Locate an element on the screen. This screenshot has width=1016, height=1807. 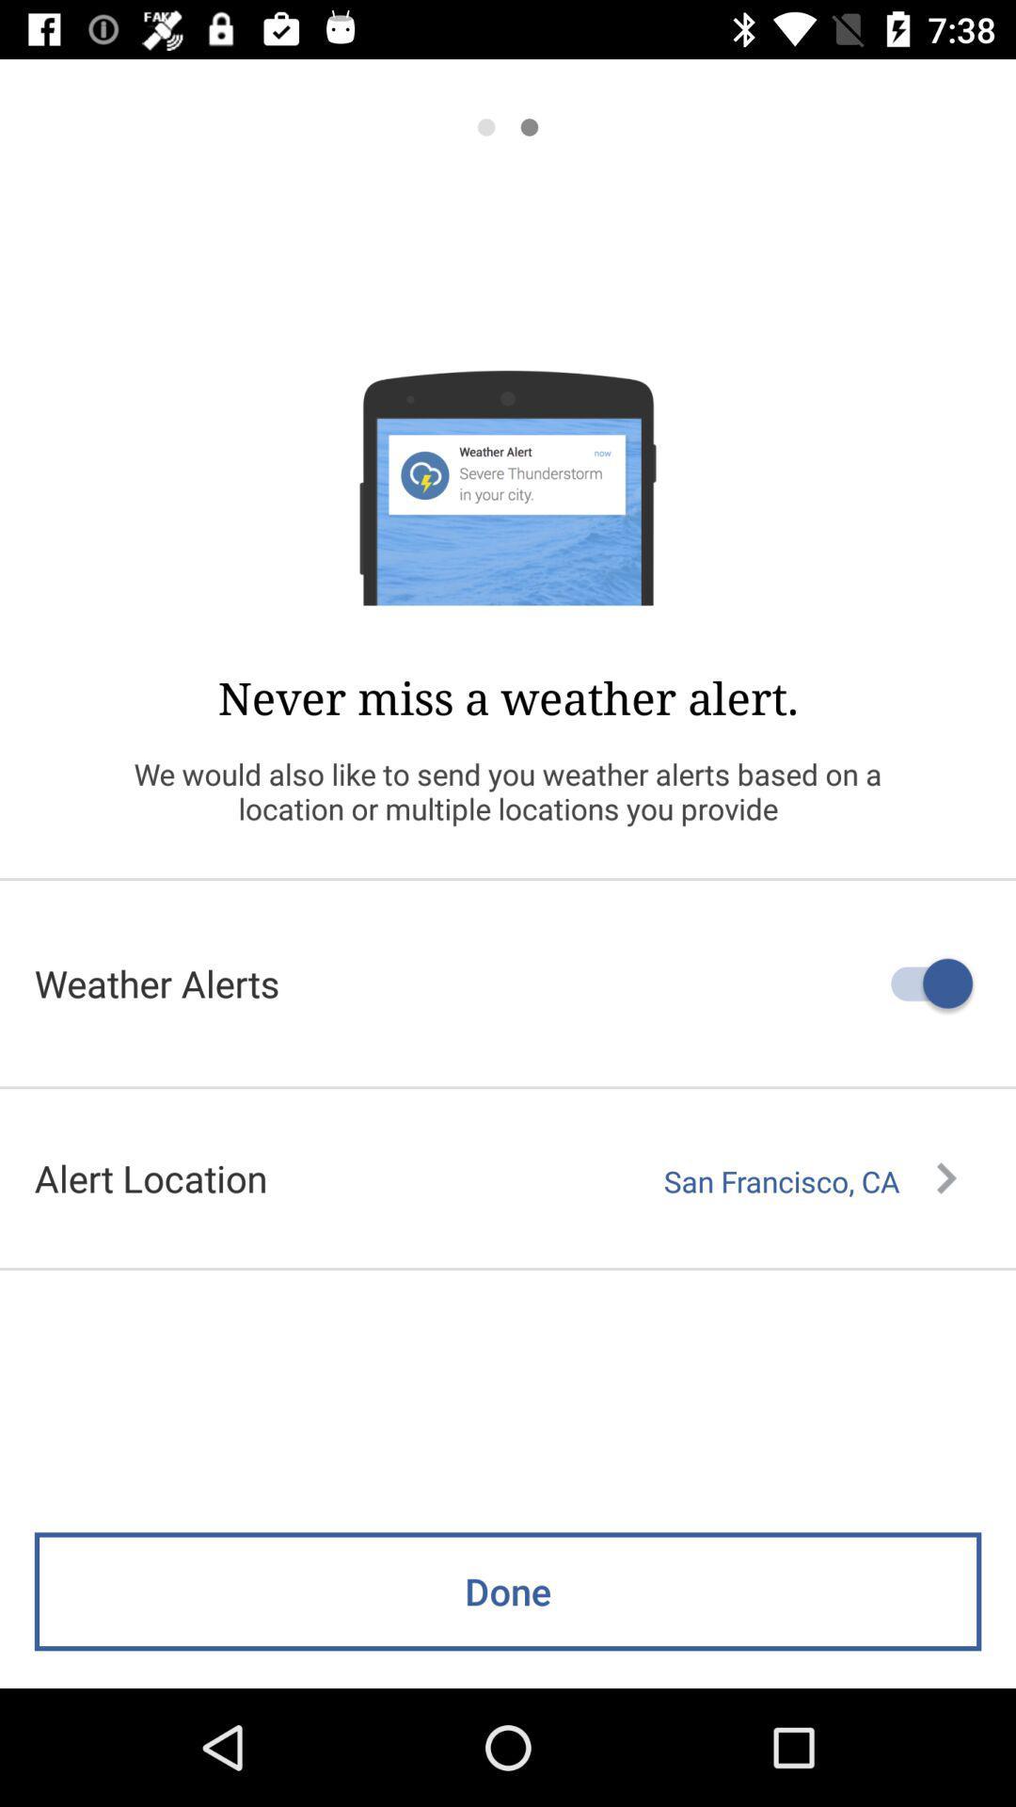
san francisco, ca item is located at coordinates (809, 1180).